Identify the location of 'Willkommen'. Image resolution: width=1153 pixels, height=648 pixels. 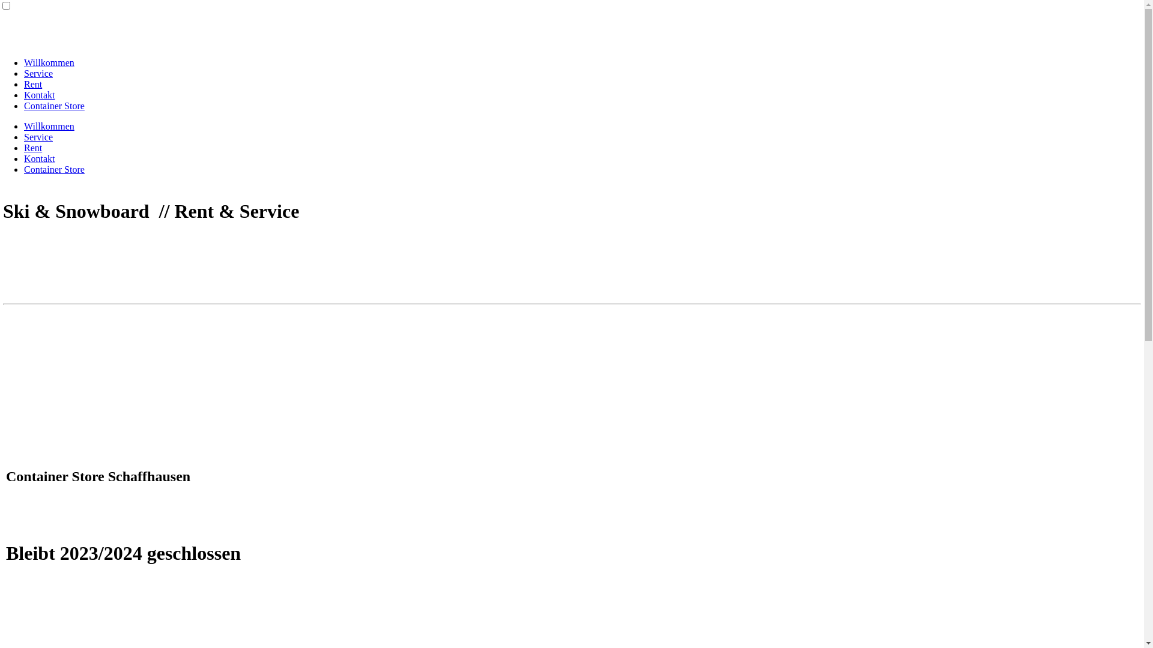
(48, 62).